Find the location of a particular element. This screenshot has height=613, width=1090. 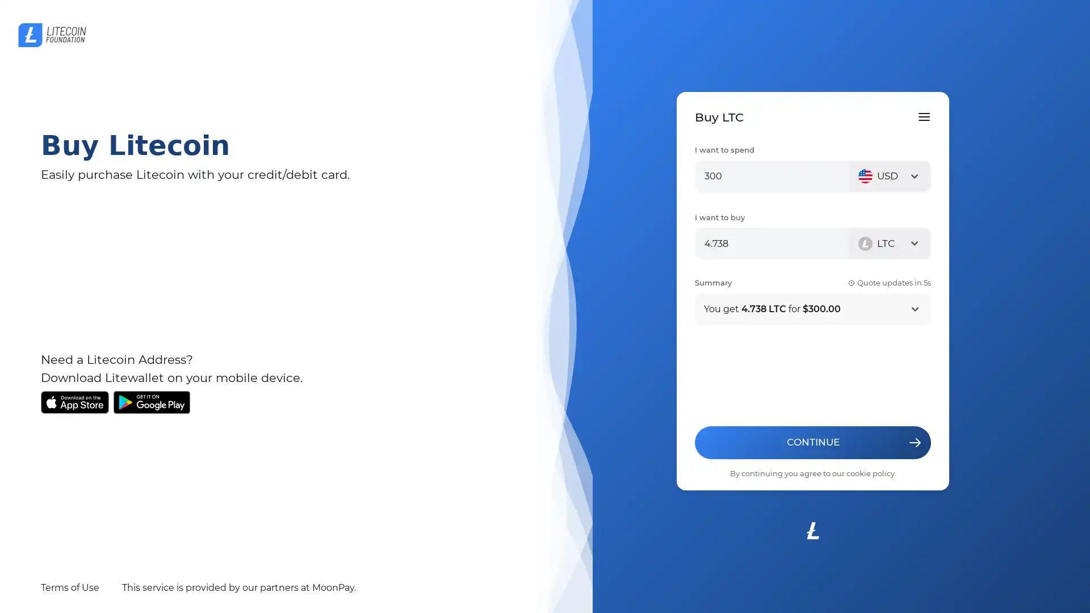

USD is located at coordinates (888, 175).